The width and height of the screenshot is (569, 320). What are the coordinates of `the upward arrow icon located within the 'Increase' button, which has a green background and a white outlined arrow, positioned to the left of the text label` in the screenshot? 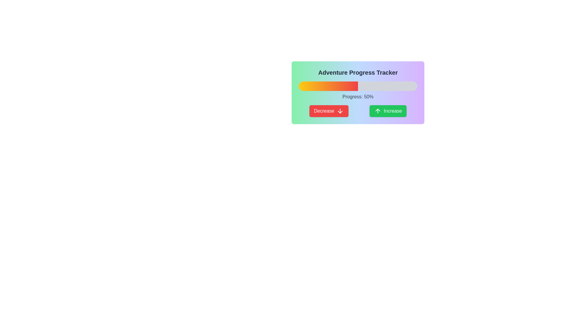 It's located at (378, 111).